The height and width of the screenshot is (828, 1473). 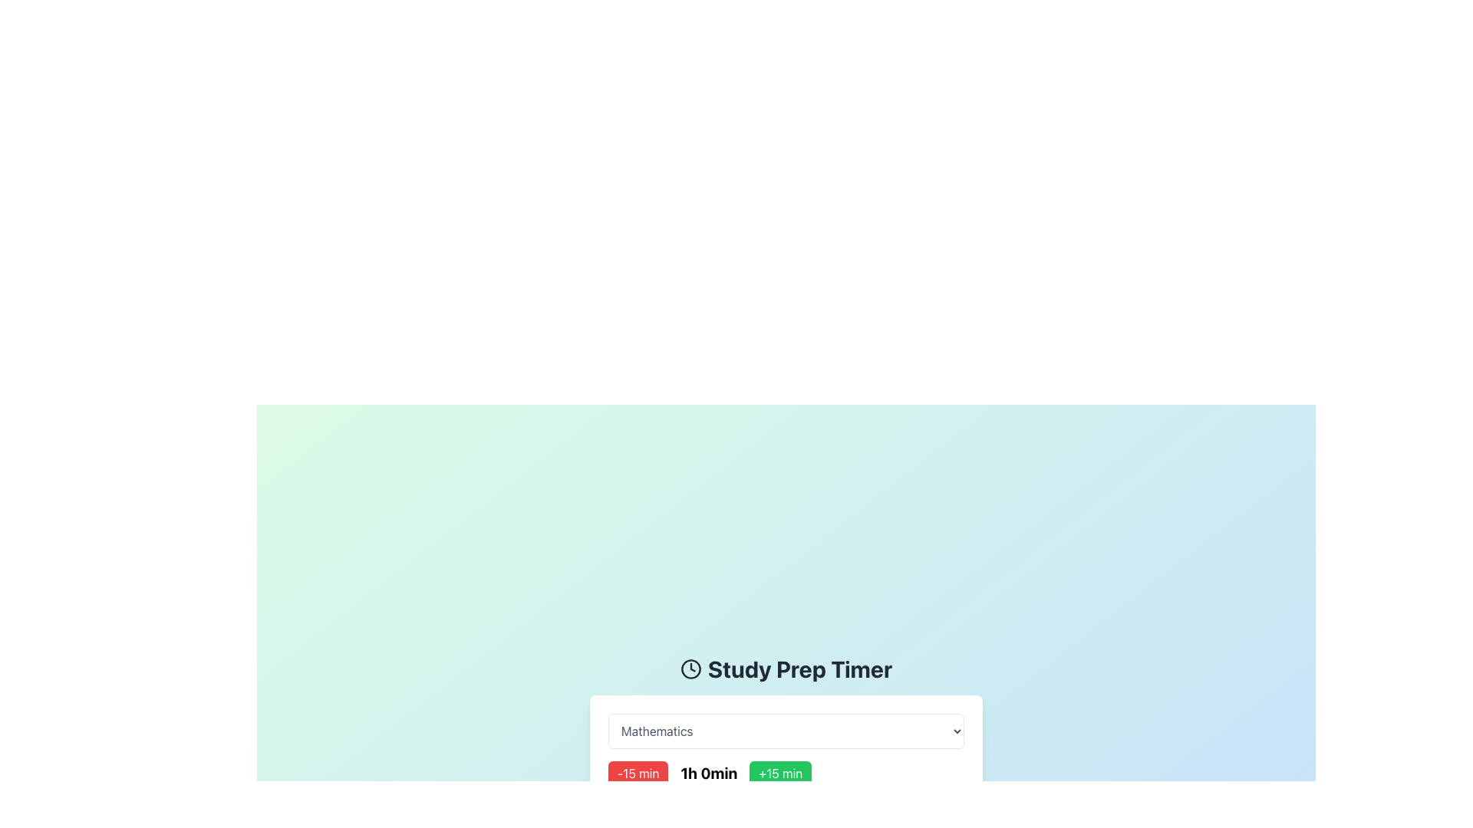 What do you see at coordinates (708, 774) in the screenshot?
I see `the Text Display element that shows the current time setting, located centrally between the '-15 min' red button and the '+15 min' green button` at bounding box center [708, 774].